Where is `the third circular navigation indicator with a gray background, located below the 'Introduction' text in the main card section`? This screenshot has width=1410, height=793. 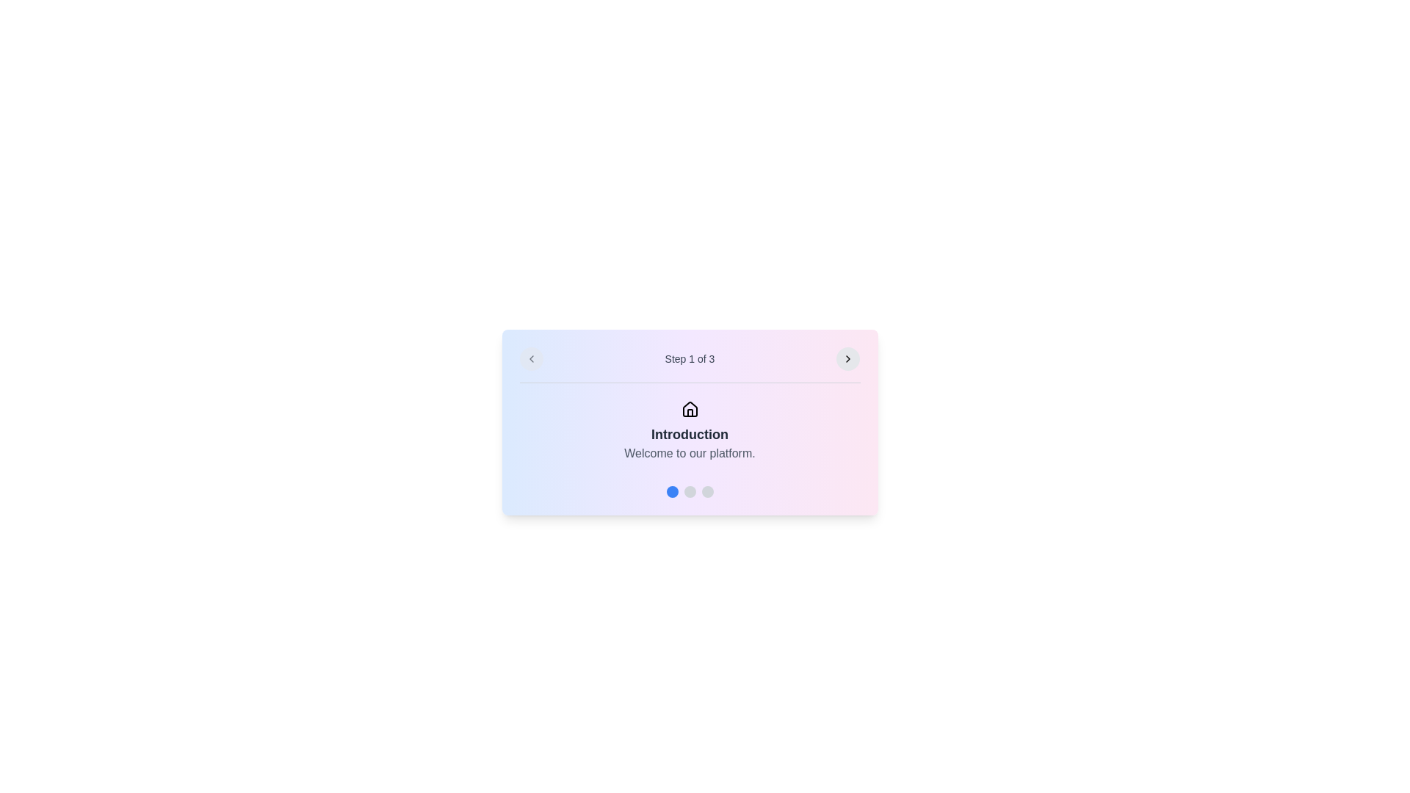 the third circular navigation indicator with a gray background, located below the 'Introduction' text in the main card section is located at coordinates (707, 492).